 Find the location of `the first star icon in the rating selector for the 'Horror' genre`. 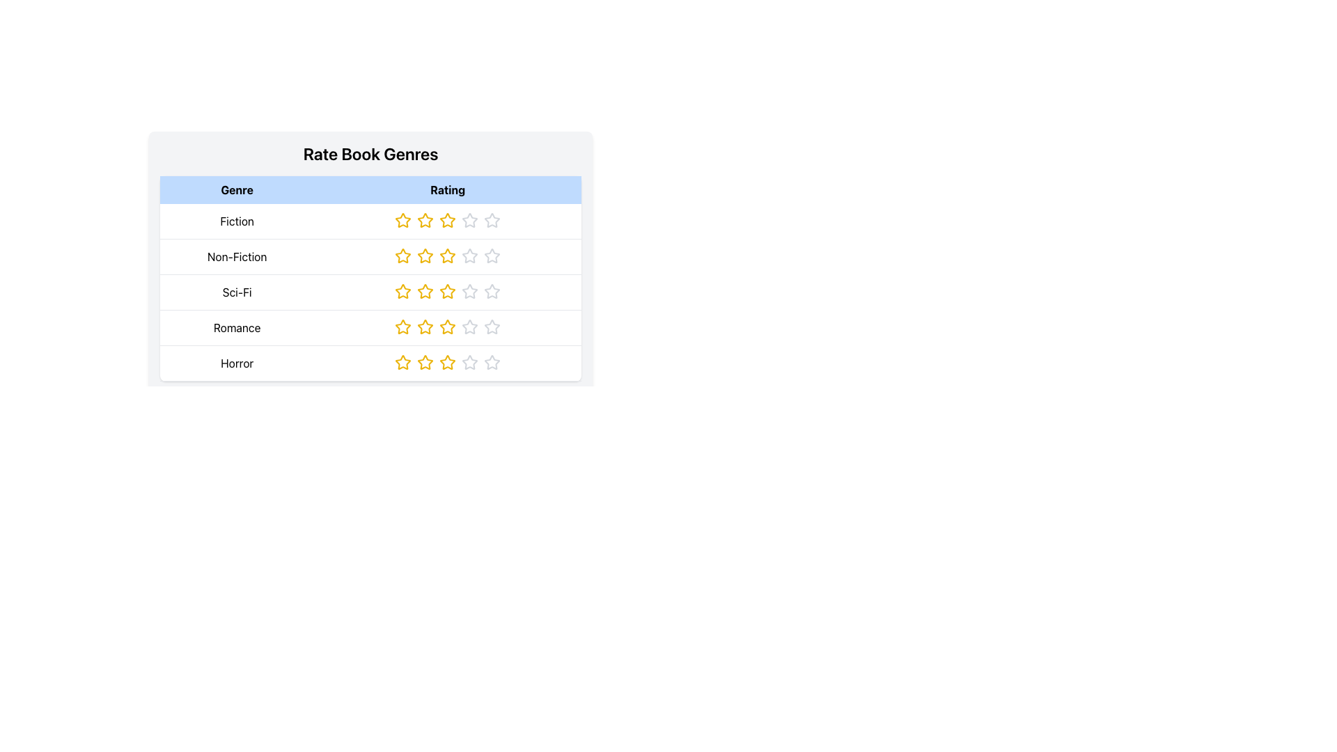

the first star icon in the rating selector for the 'Horror' genre is located at coordinates (402, 361).